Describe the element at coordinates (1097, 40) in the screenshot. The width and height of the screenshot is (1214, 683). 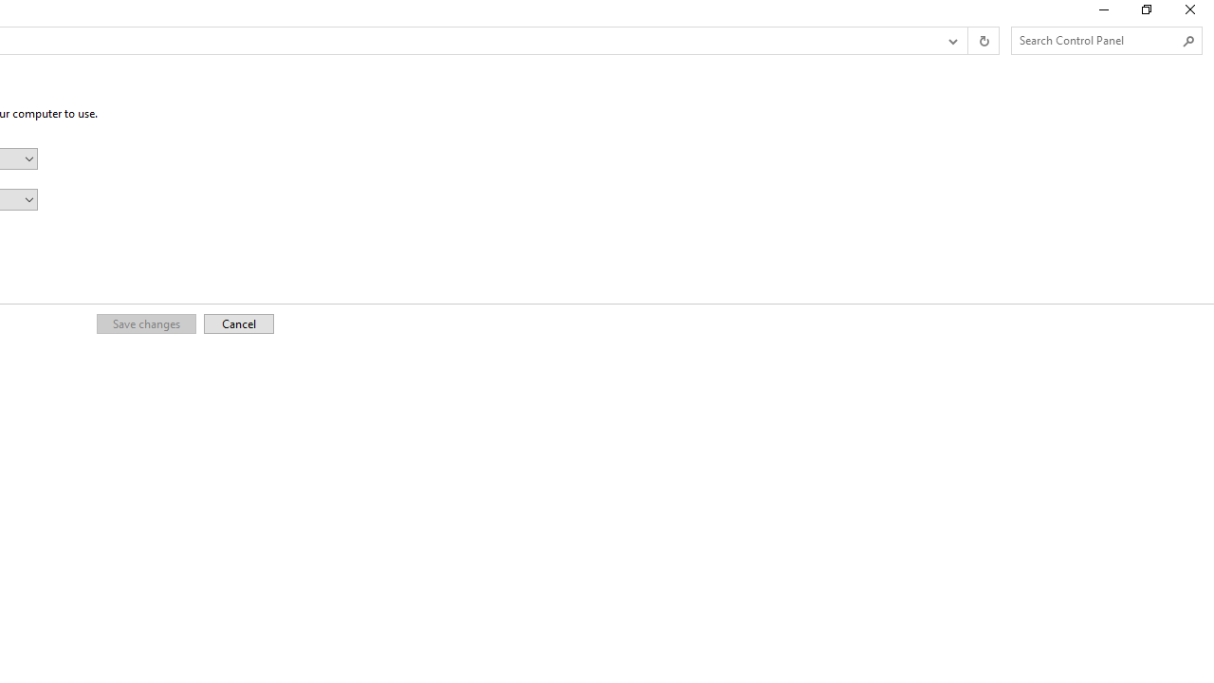
I see `'Search Box'` at that location.